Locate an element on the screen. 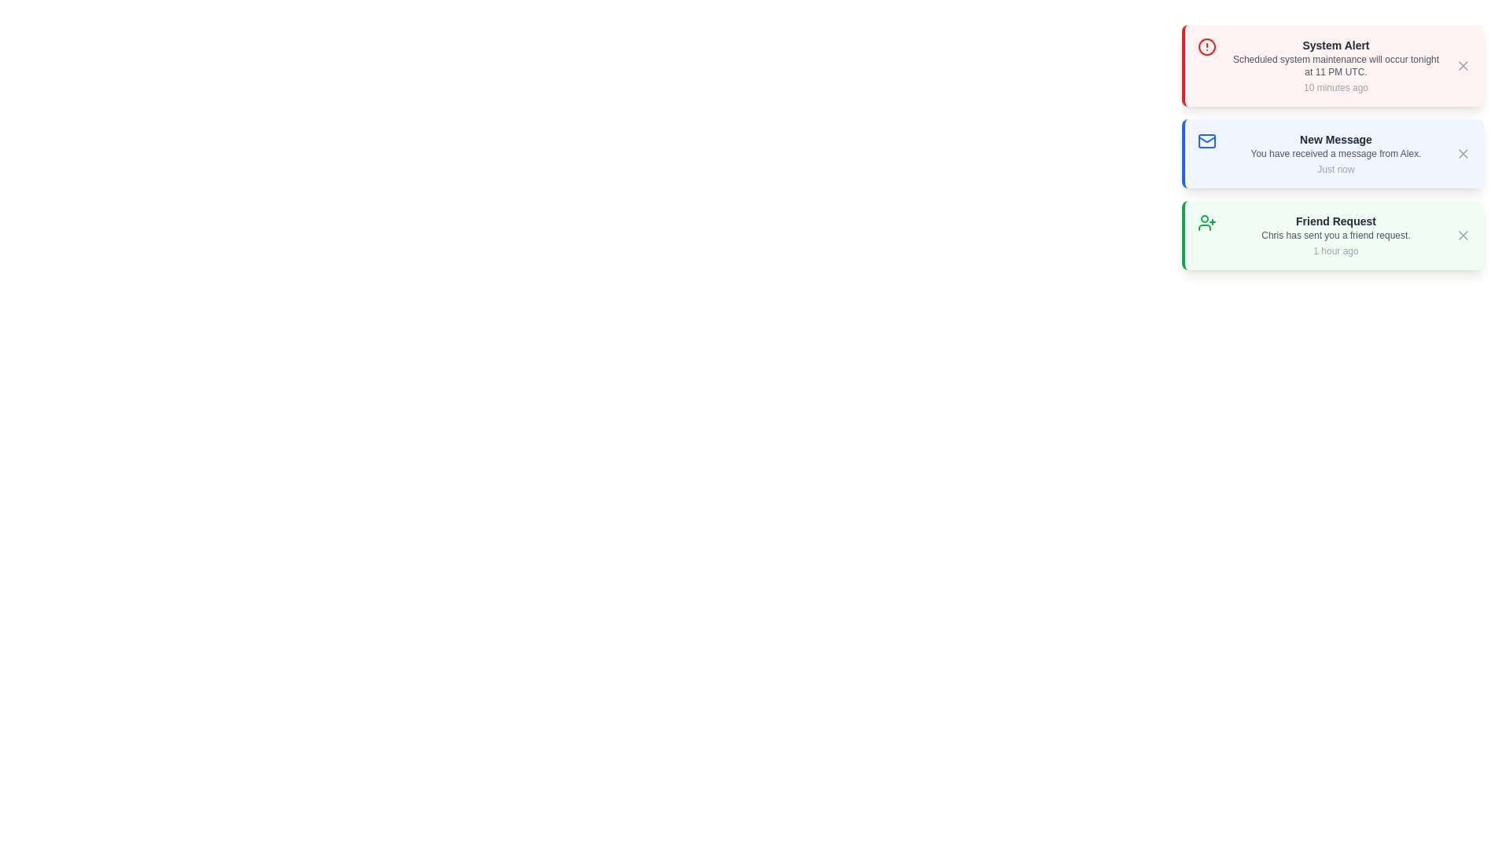  the small envelope icon with a blue border located at the top-left side of the 'New Message' notification box is located at coordinates (1206, 141).